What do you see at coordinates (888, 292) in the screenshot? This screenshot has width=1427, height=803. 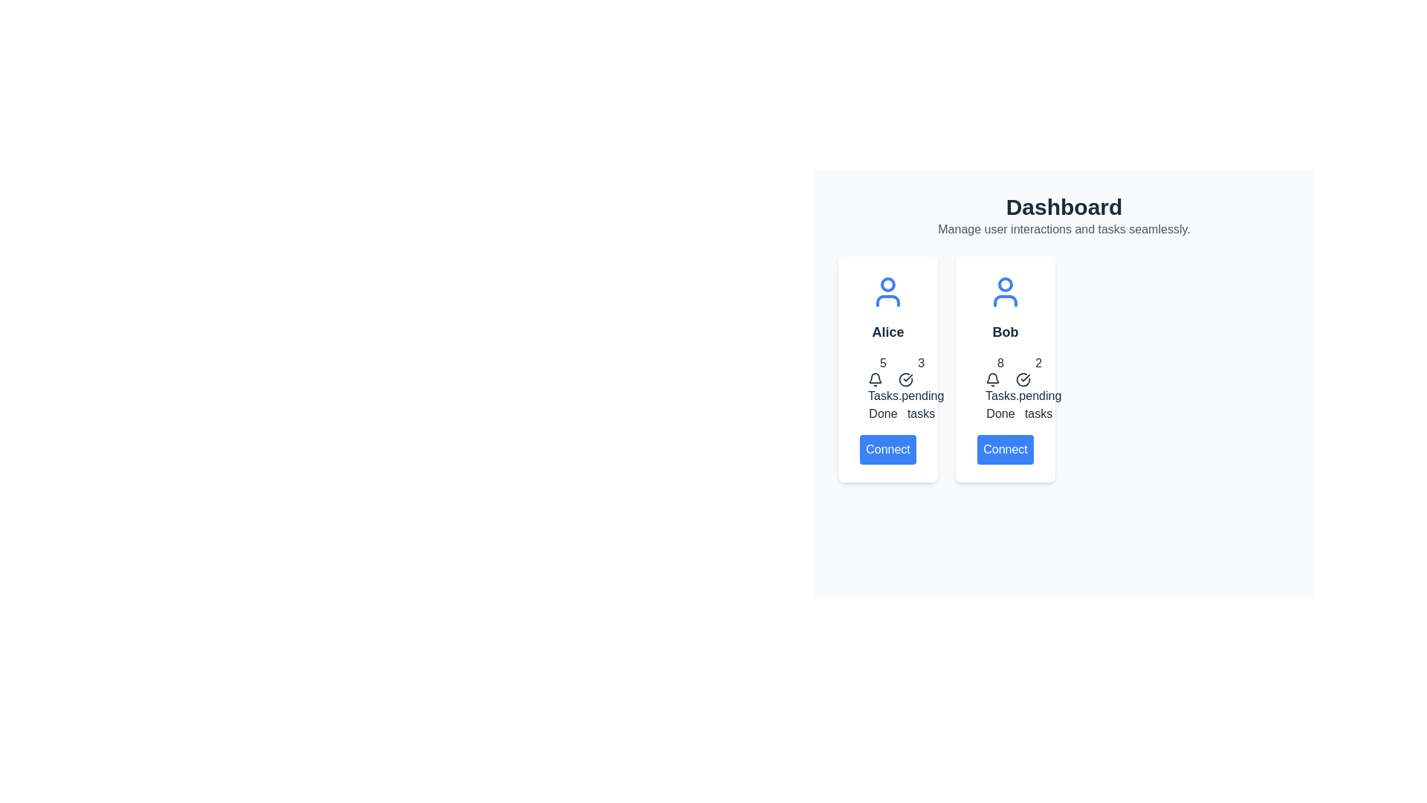 I see `the decorative profile icon representing the user 'Alice', located at the top-center of the first card above the name 'Alice'` at bounding box center [888, 292].